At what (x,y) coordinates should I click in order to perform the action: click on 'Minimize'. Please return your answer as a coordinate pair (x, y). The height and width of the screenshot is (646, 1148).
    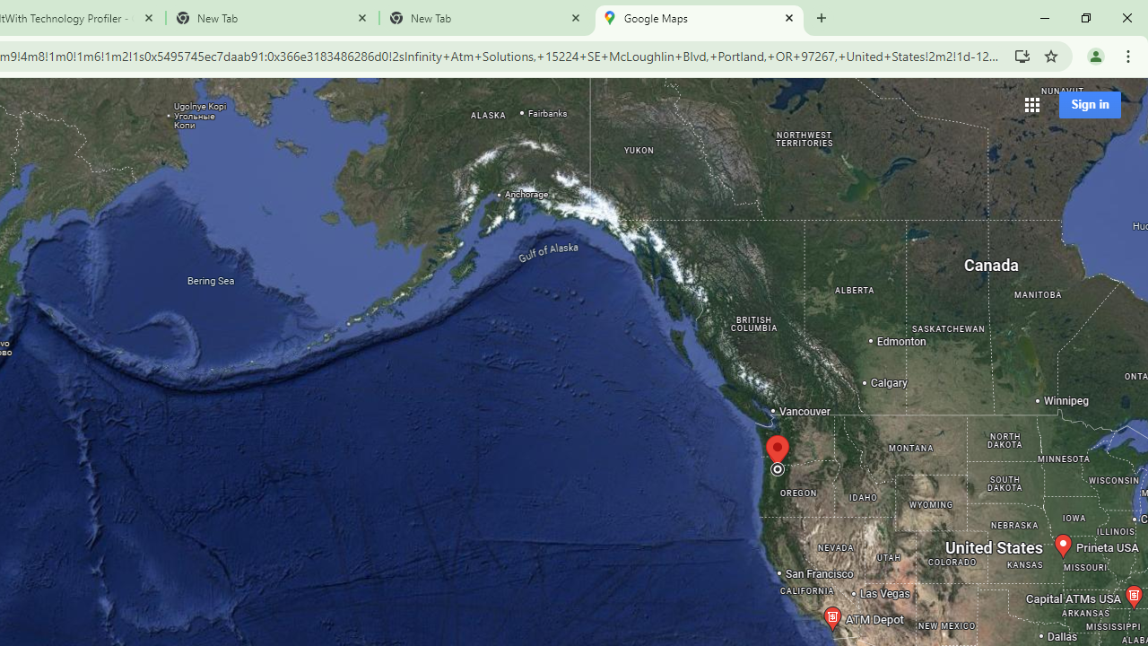
    Looking at the image, I should click on (1045, 18).